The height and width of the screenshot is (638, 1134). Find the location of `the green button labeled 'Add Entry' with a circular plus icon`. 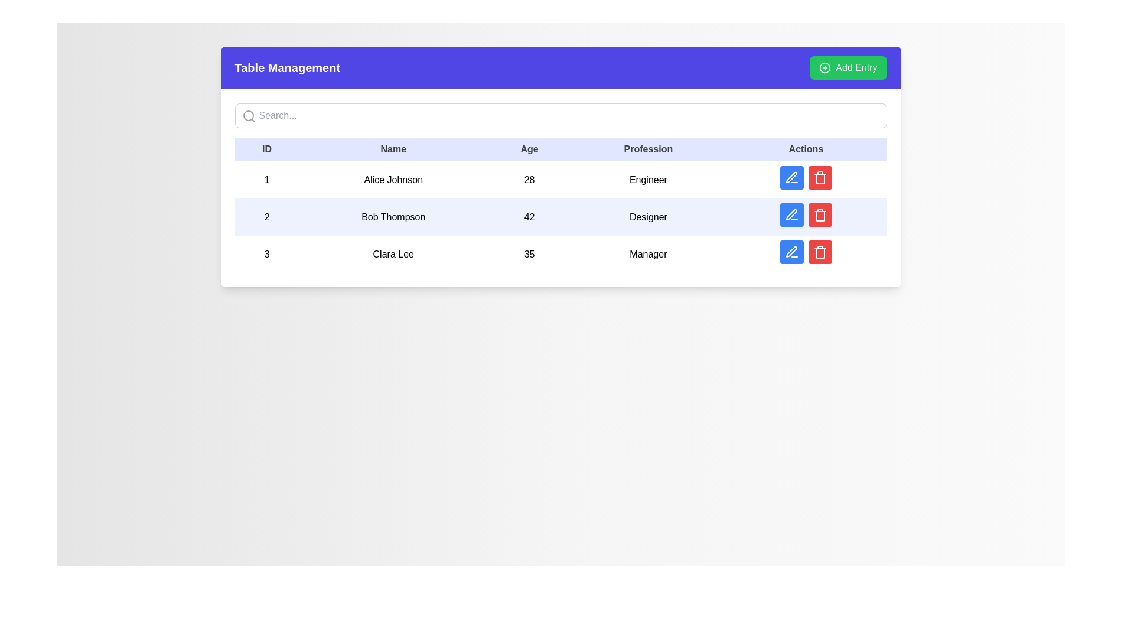

the green button labeled 'Add Entry' with a circular plus icon is located at coordinates (848, 68).